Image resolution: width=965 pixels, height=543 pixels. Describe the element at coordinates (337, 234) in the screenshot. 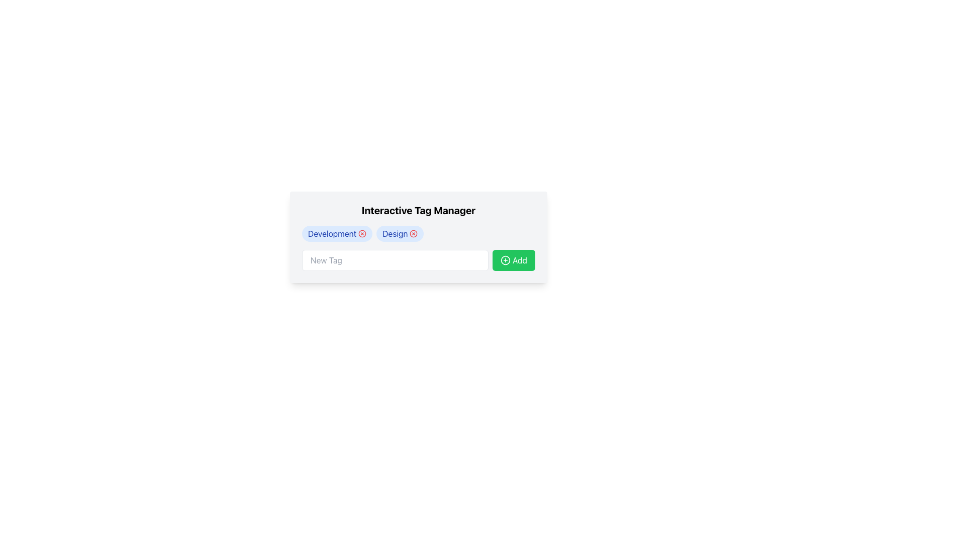

I see `the 'Development' tag` at that location.